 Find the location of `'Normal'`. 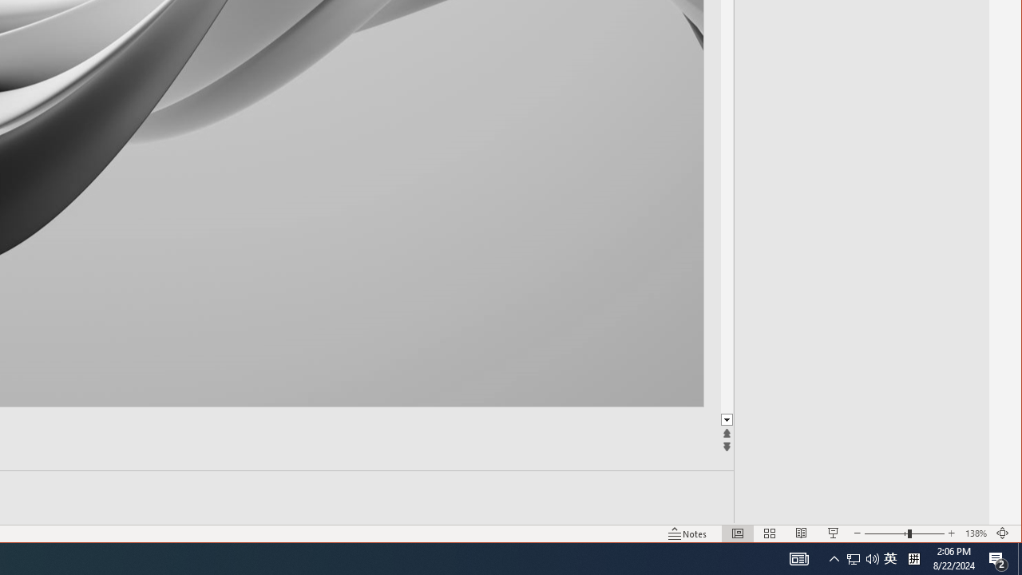

'Normal' is located at coordinates (737, 533).